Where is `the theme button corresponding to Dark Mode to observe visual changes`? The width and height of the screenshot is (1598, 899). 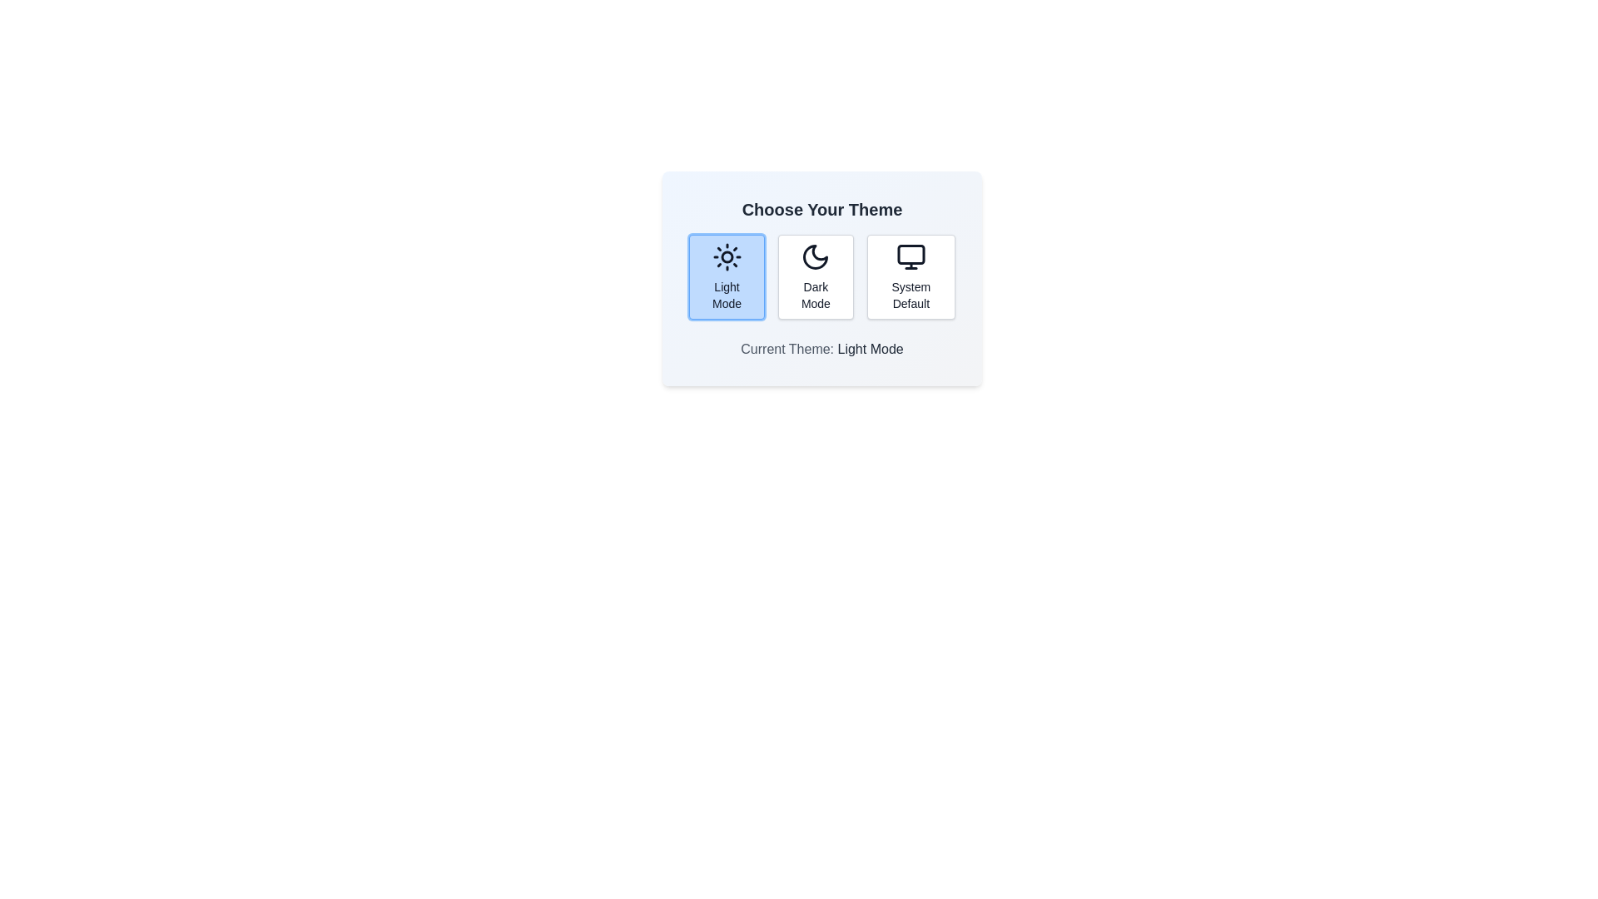
the theme button corresponding to Dark Mode to observe visual changes is located at coordinates (815, 276).